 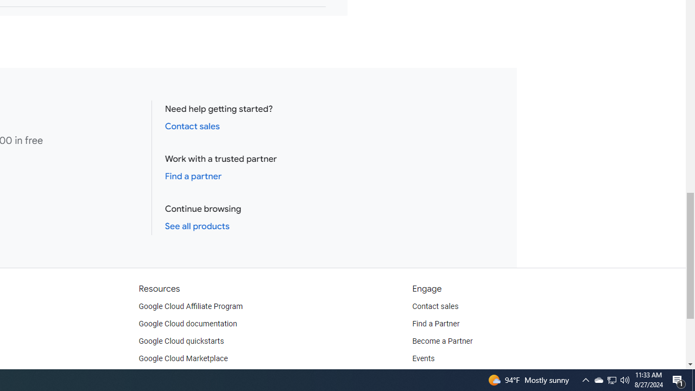 What do you see at coordinates (193, 175) in the screenshot?
I see `'Find a partner'` at bounding box center [193, 175].